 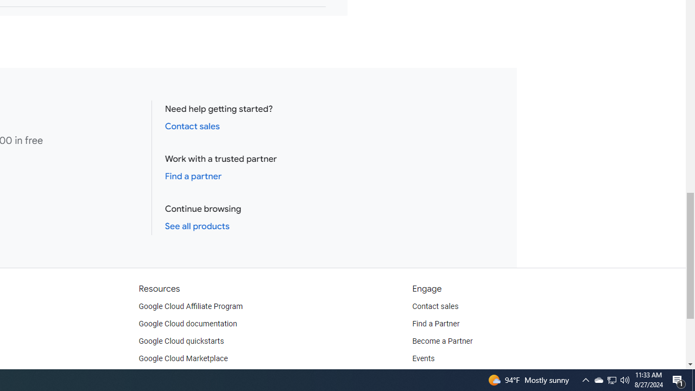 What do you see at coordinates (193, 175) in the screenshot?
I see `'Find a partner'` at bounding box center [193, 175].